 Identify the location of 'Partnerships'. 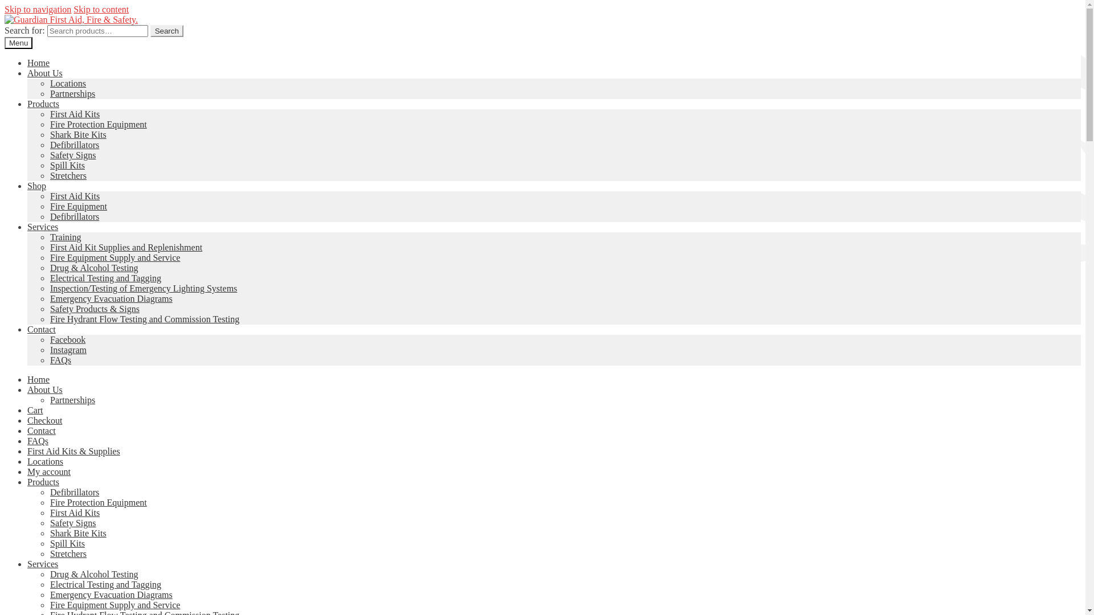
(72, 93).